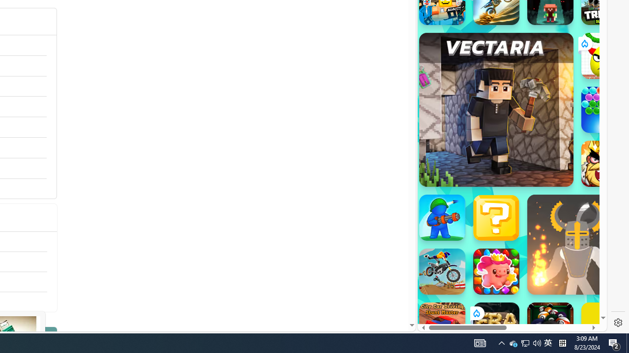 The height and width of the screenshot is (353, 629). What do you see at coordinates (577, 244) in the screenshot?
I see `'Ragdoll Hit Ragdoll Hit'` at bounding box center [577, 244].